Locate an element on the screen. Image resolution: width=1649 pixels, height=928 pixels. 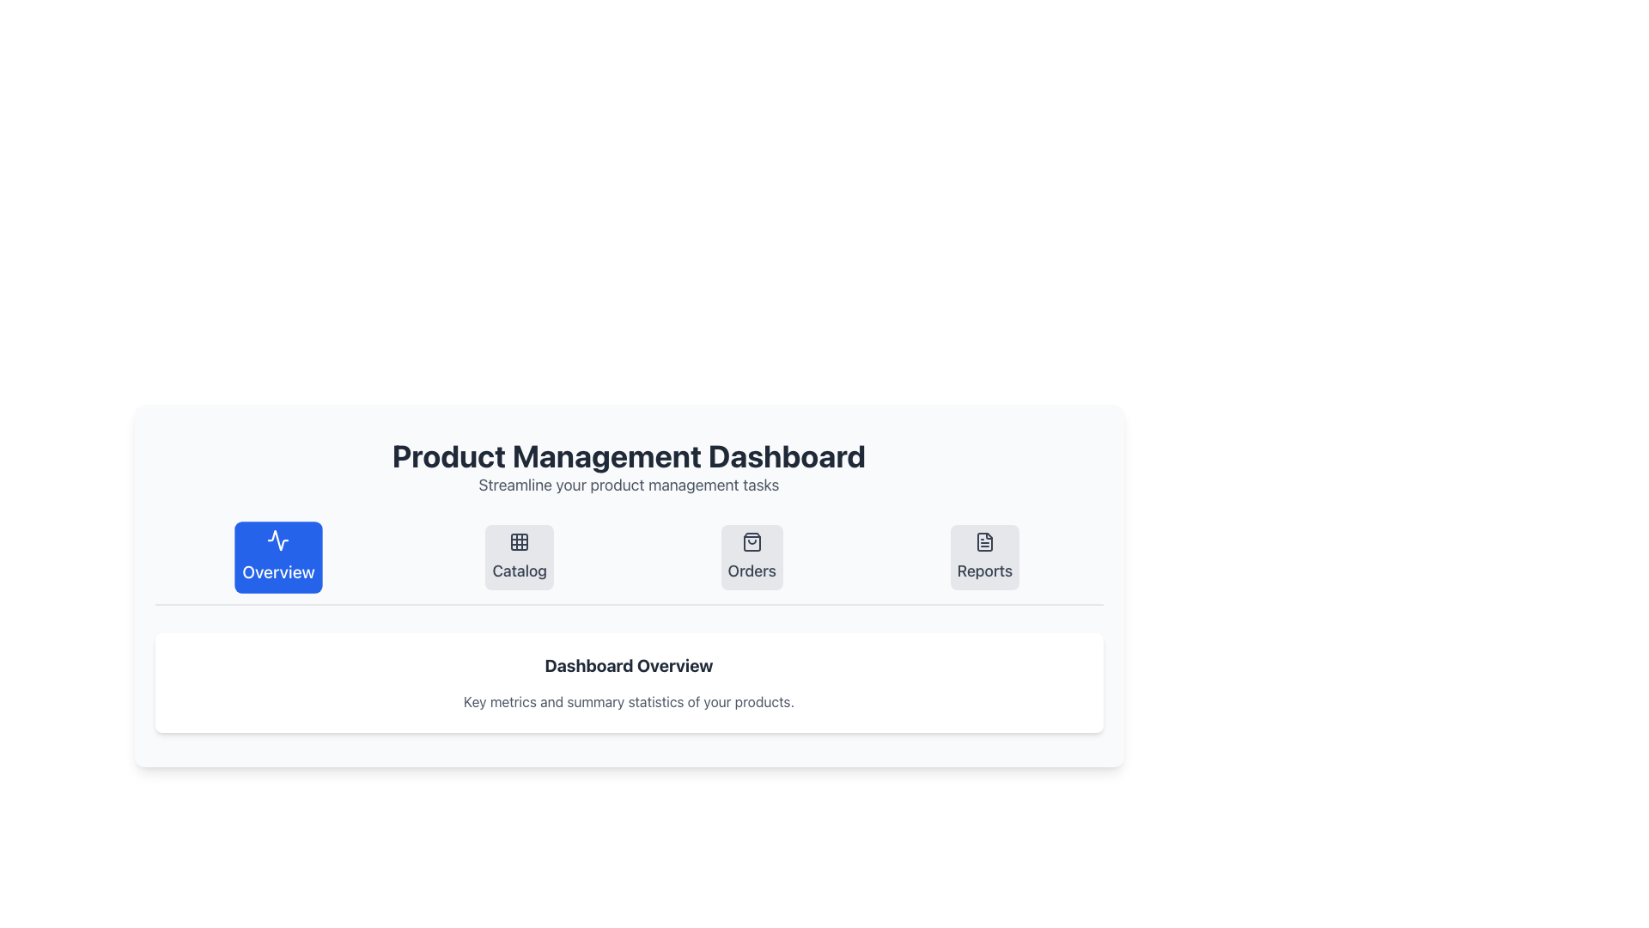
the blue rectangular button labeled 'Overview' with a waveform icon is located at coordinates (278, 557).